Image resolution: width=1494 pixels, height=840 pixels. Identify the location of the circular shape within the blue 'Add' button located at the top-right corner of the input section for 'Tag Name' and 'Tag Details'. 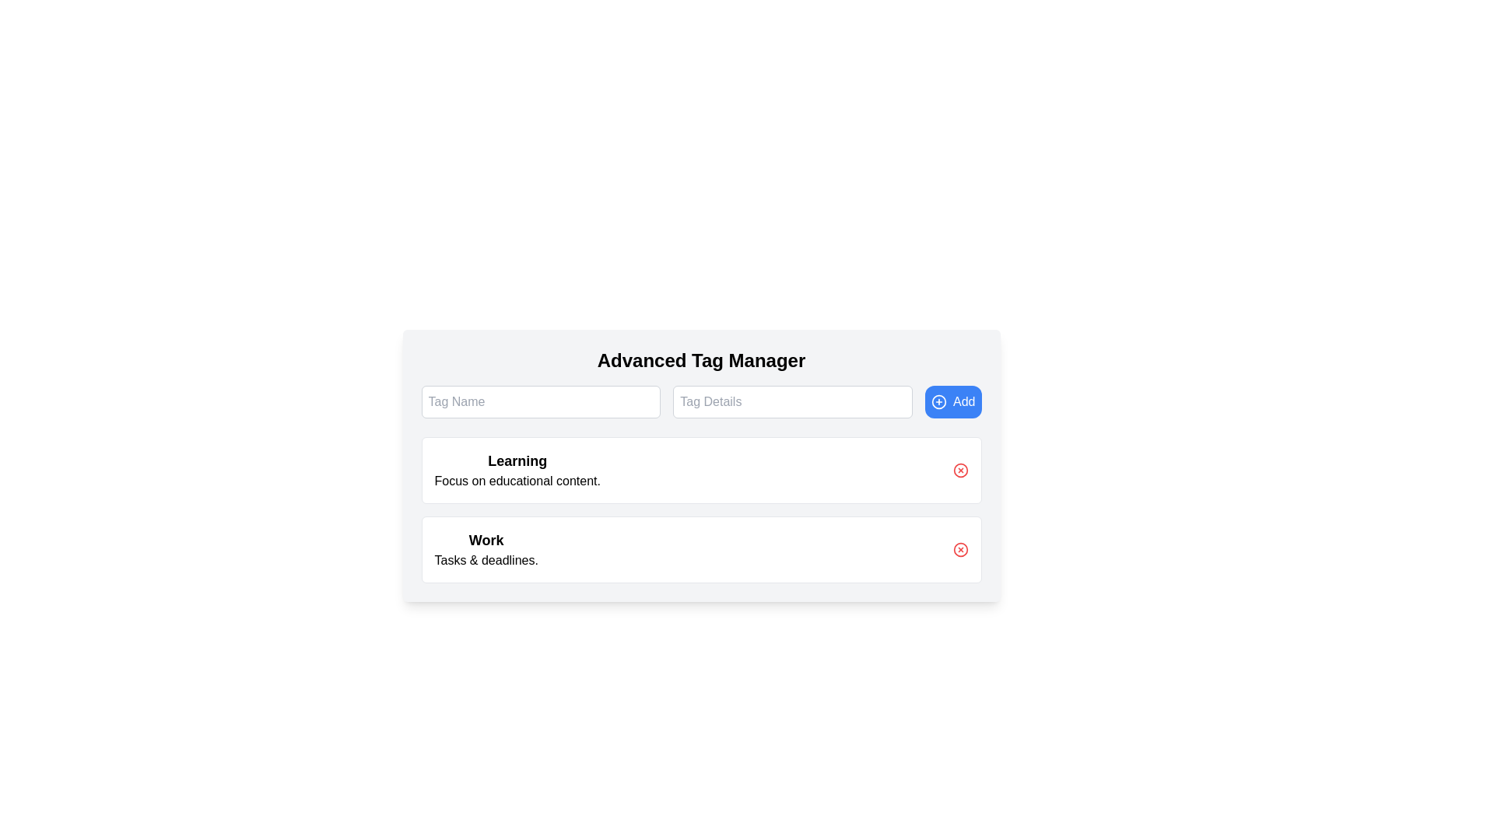
(938, 401).